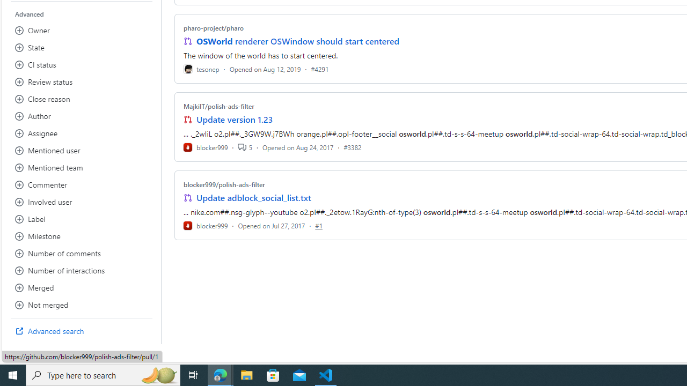 This screenshot has width=687, height=386. What do you see at coordinates (201, 69) in the screenshot?
I see `'tesonep'` at bounding box center [201, 69].